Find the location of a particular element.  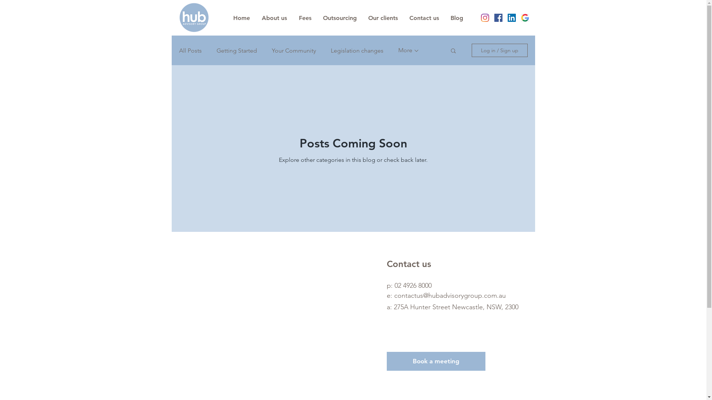

'Fees' is located at coordinates (305, 18).